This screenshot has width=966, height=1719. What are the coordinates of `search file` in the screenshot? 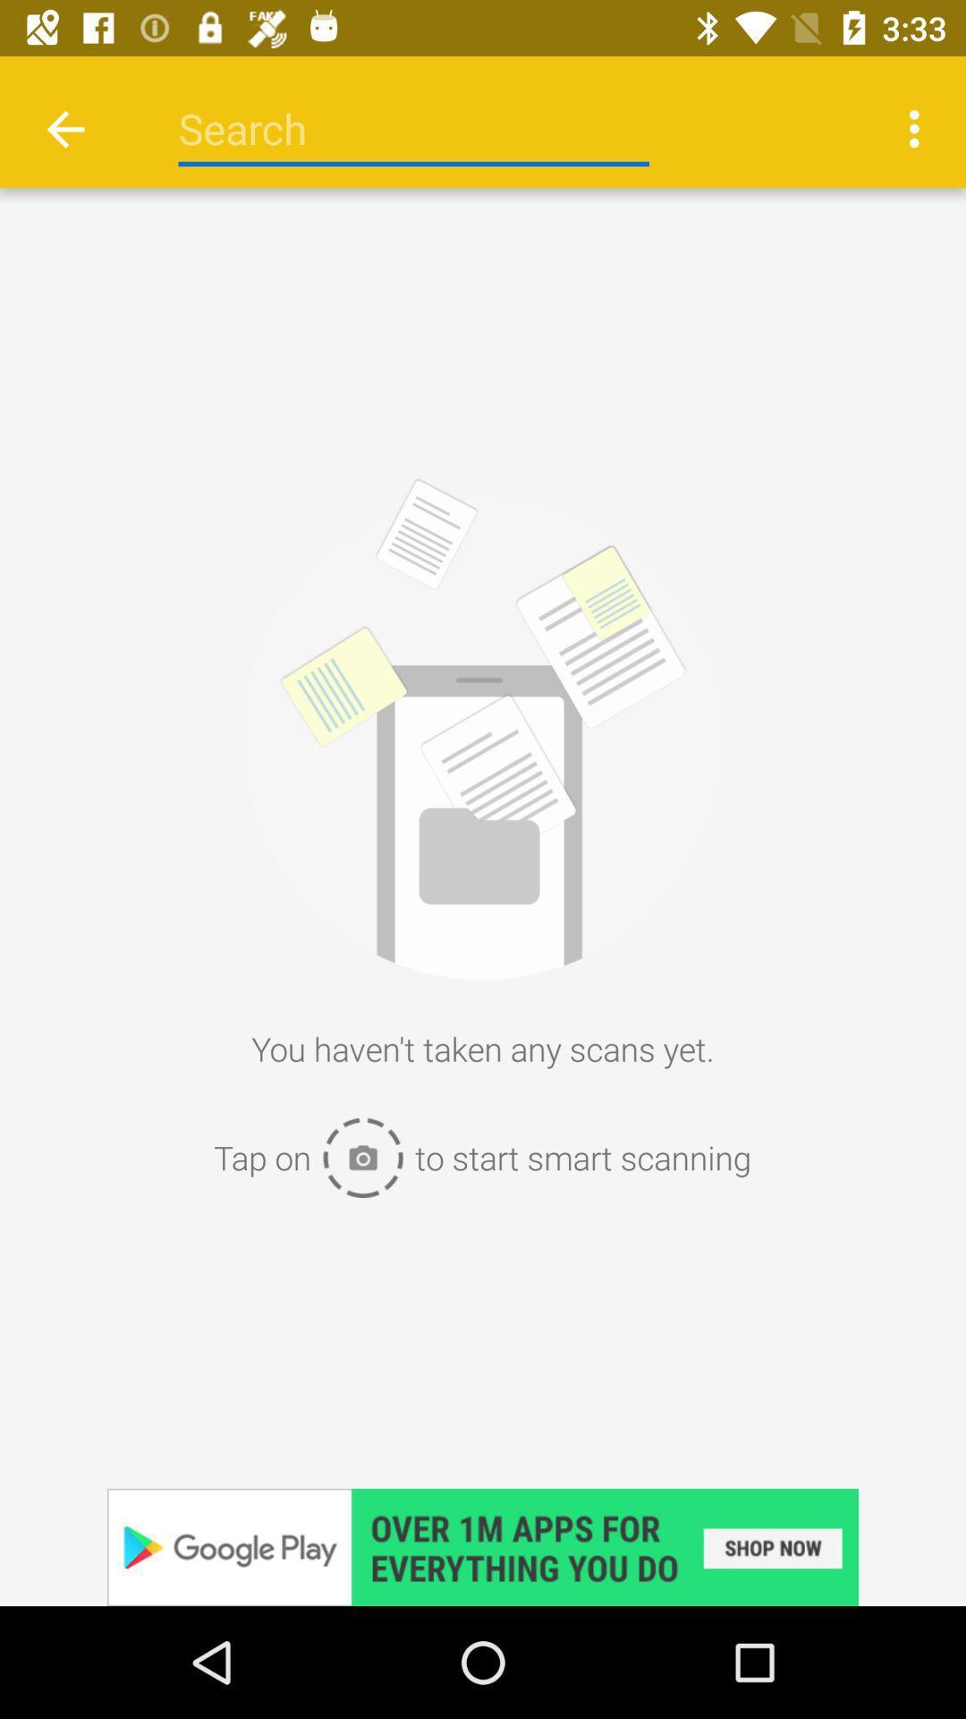 It's located at (413, 128).